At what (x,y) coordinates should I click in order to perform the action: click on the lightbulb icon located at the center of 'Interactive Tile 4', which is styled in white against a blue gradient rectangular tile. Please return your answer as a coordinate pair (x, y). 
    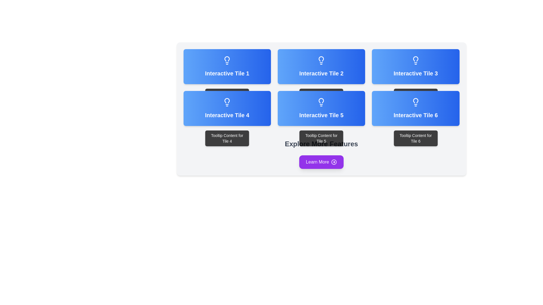
    Looking at the image, I should click on (227, 102).